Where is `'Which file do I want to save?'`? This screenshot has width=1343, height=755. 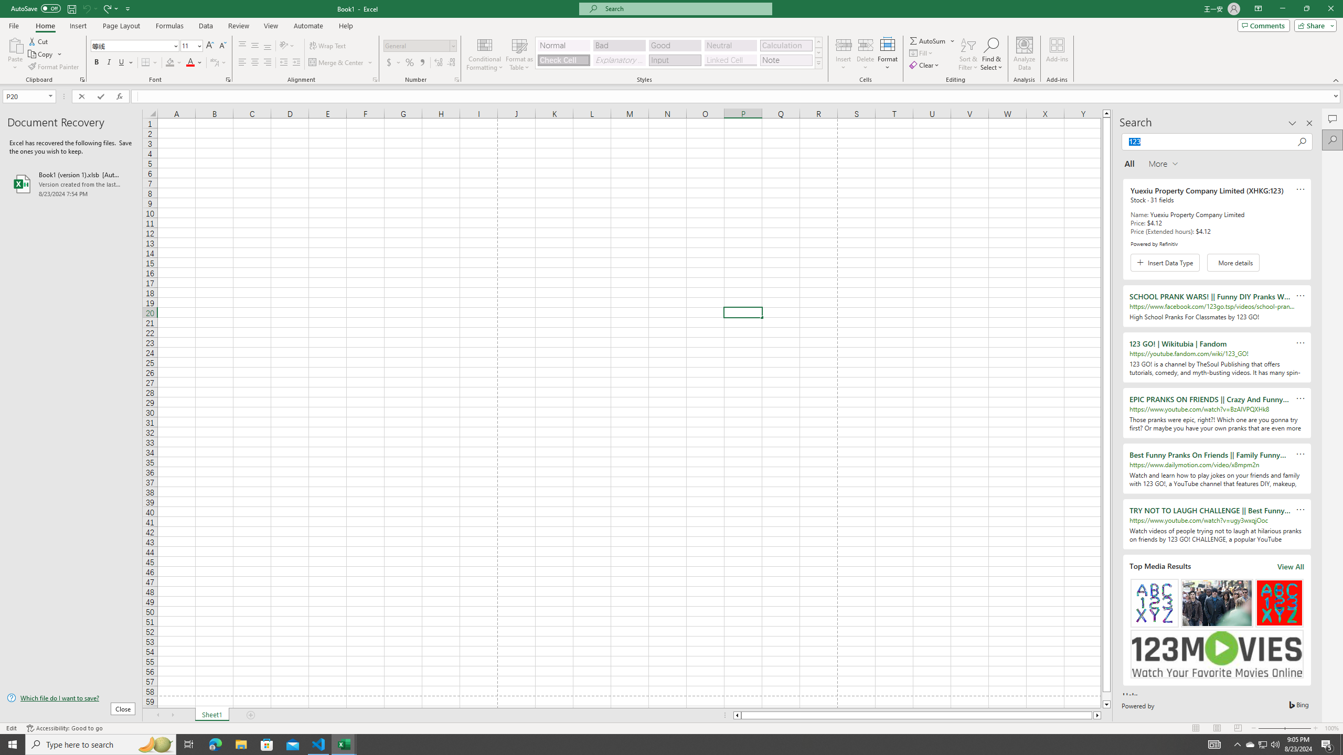
'Which file do I want to save?' is located at coordinates (70, 698).